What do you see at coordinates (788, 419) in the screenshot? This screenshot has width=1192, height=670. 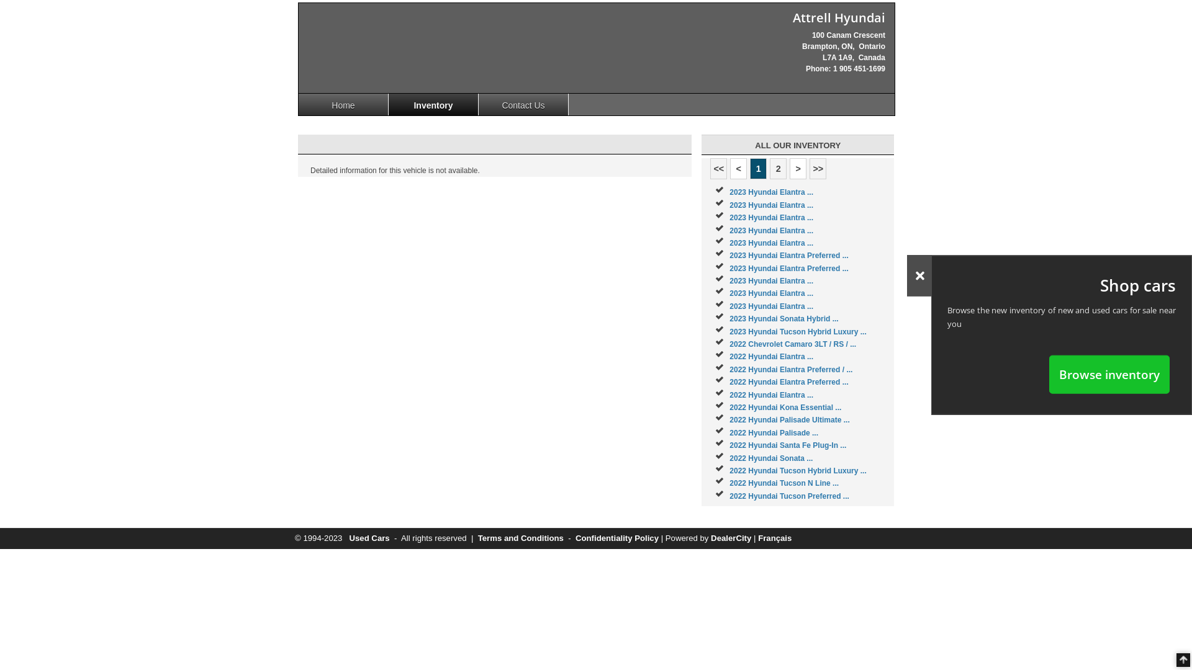 I see `'2022 Hyundai Palisade Ultimate ...'` at bounding box center [788, 419].